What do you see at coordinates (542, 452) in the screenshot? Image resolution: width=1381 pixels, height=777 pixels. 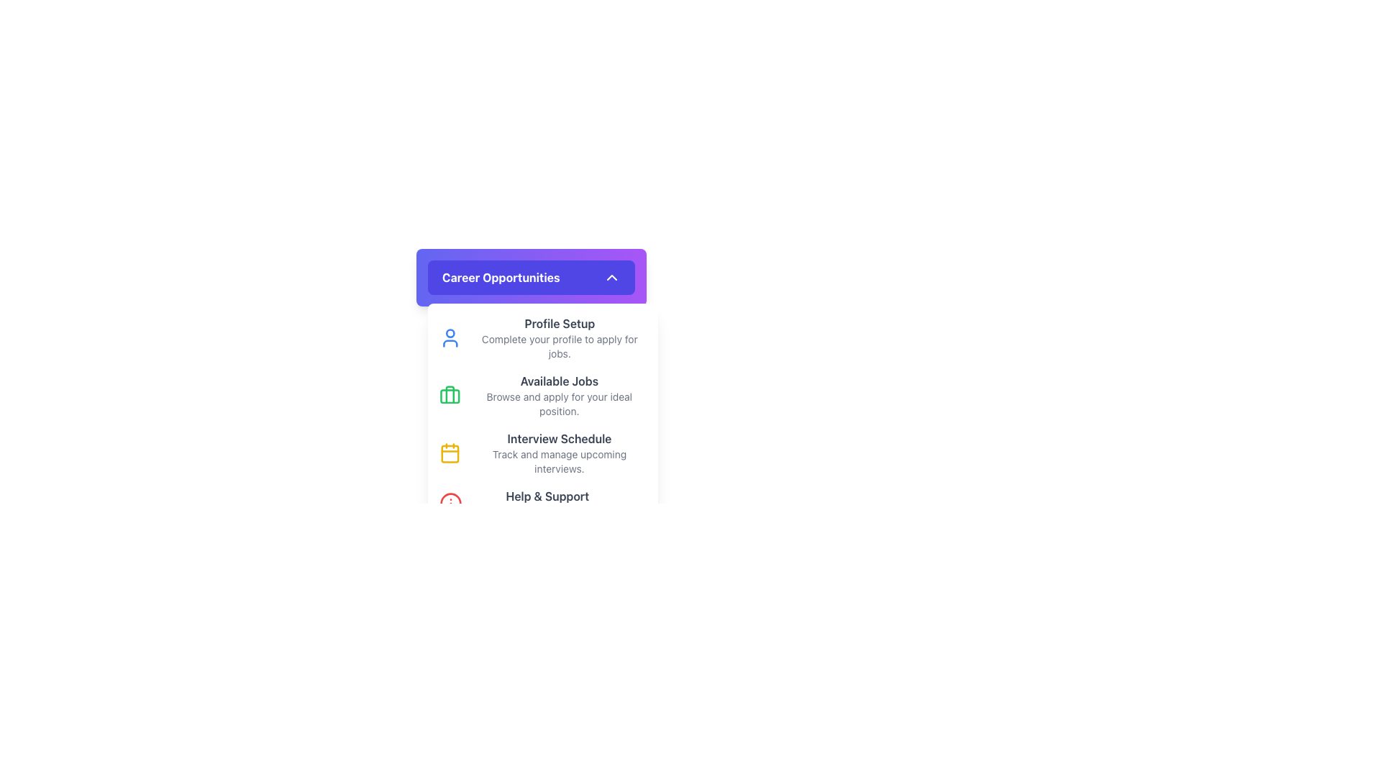 I see `the third item in the 'Career Opportunities' section` at bounding box center [542, 452].